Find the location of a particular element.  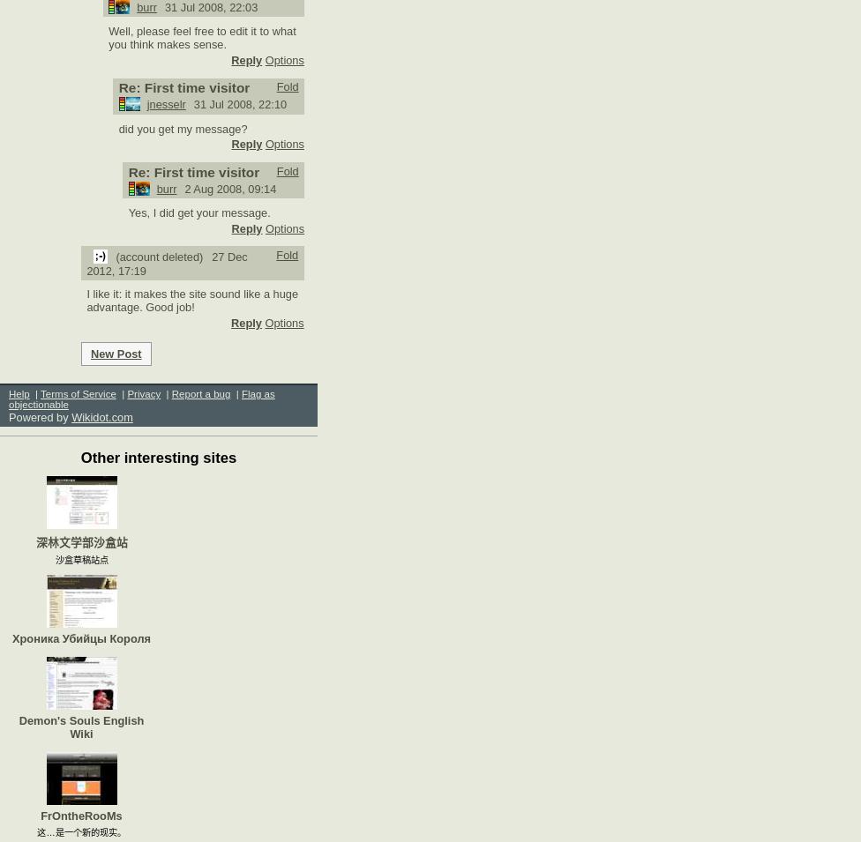

'I like it: it makes the site sound like a huge advantage. Good job!' is located at coordinates (191, 300).